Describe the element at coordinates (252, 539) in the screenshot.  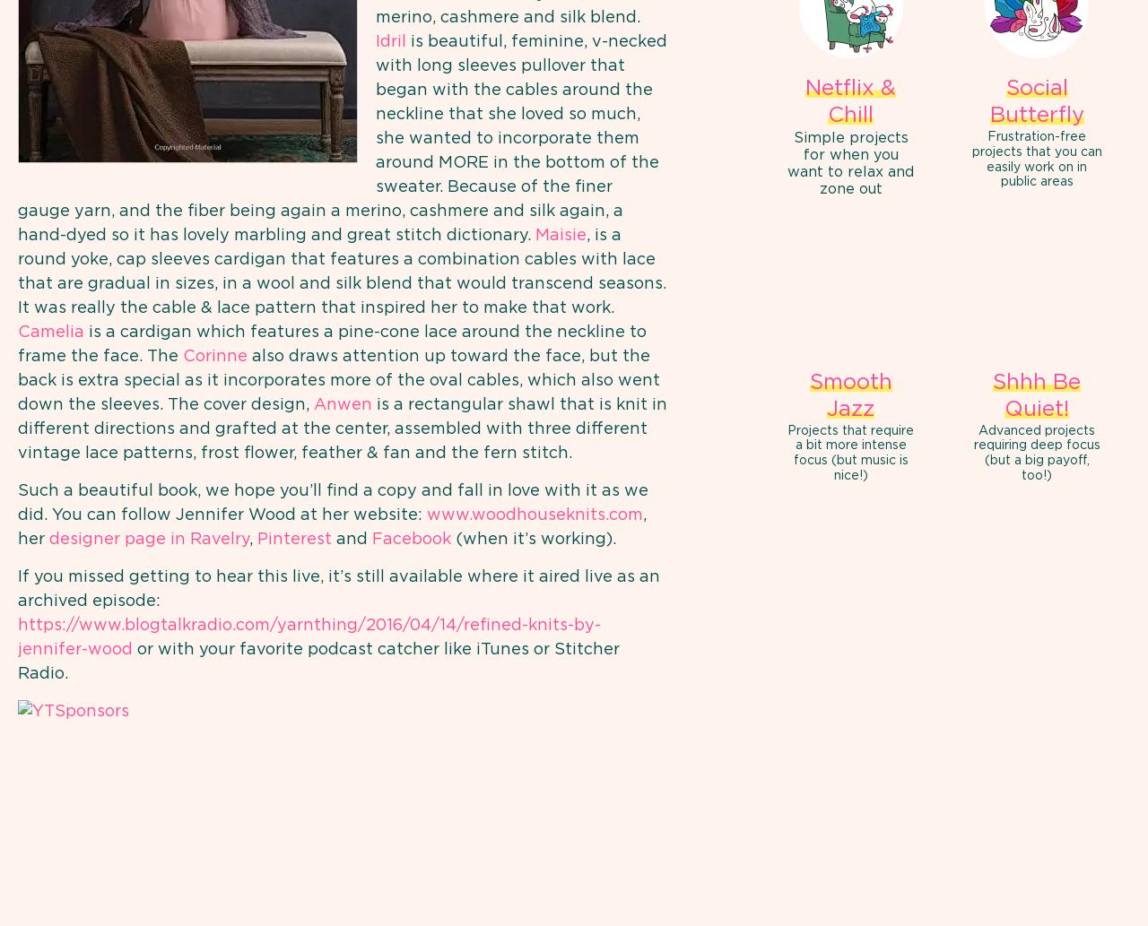
I see `','` at that location.